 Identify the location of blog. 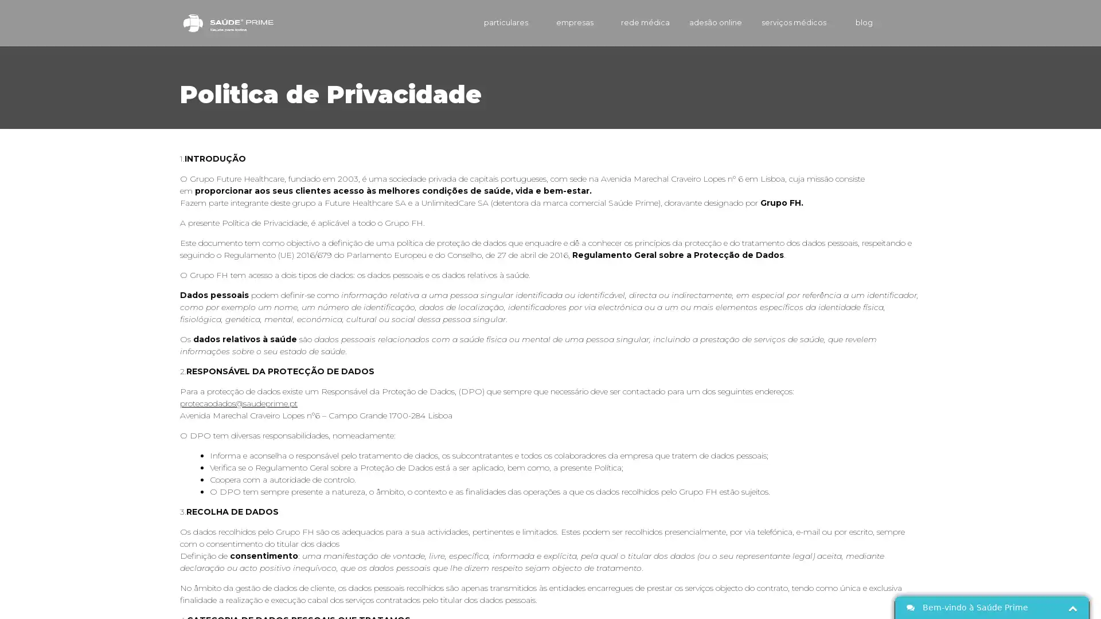
(854, 22).